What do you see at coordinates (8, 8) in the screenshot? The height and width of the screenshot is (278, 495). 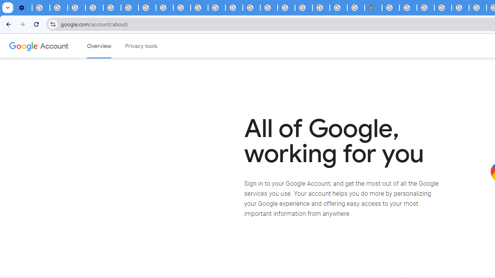 I see `'Search tabs'` at bounding box center [8, 8].